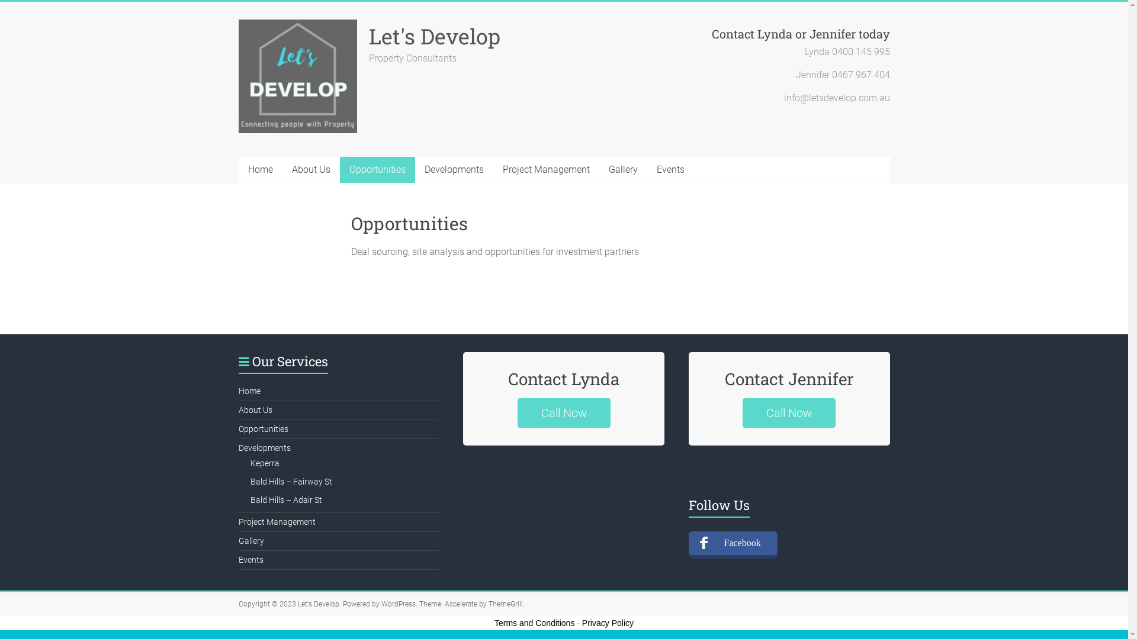 The width and height of the screenshot is (1137, 639). What do you see at coordinates (275, 521) in the screenshot?
I see `'Project Management'` at bounding box center [275, 521].